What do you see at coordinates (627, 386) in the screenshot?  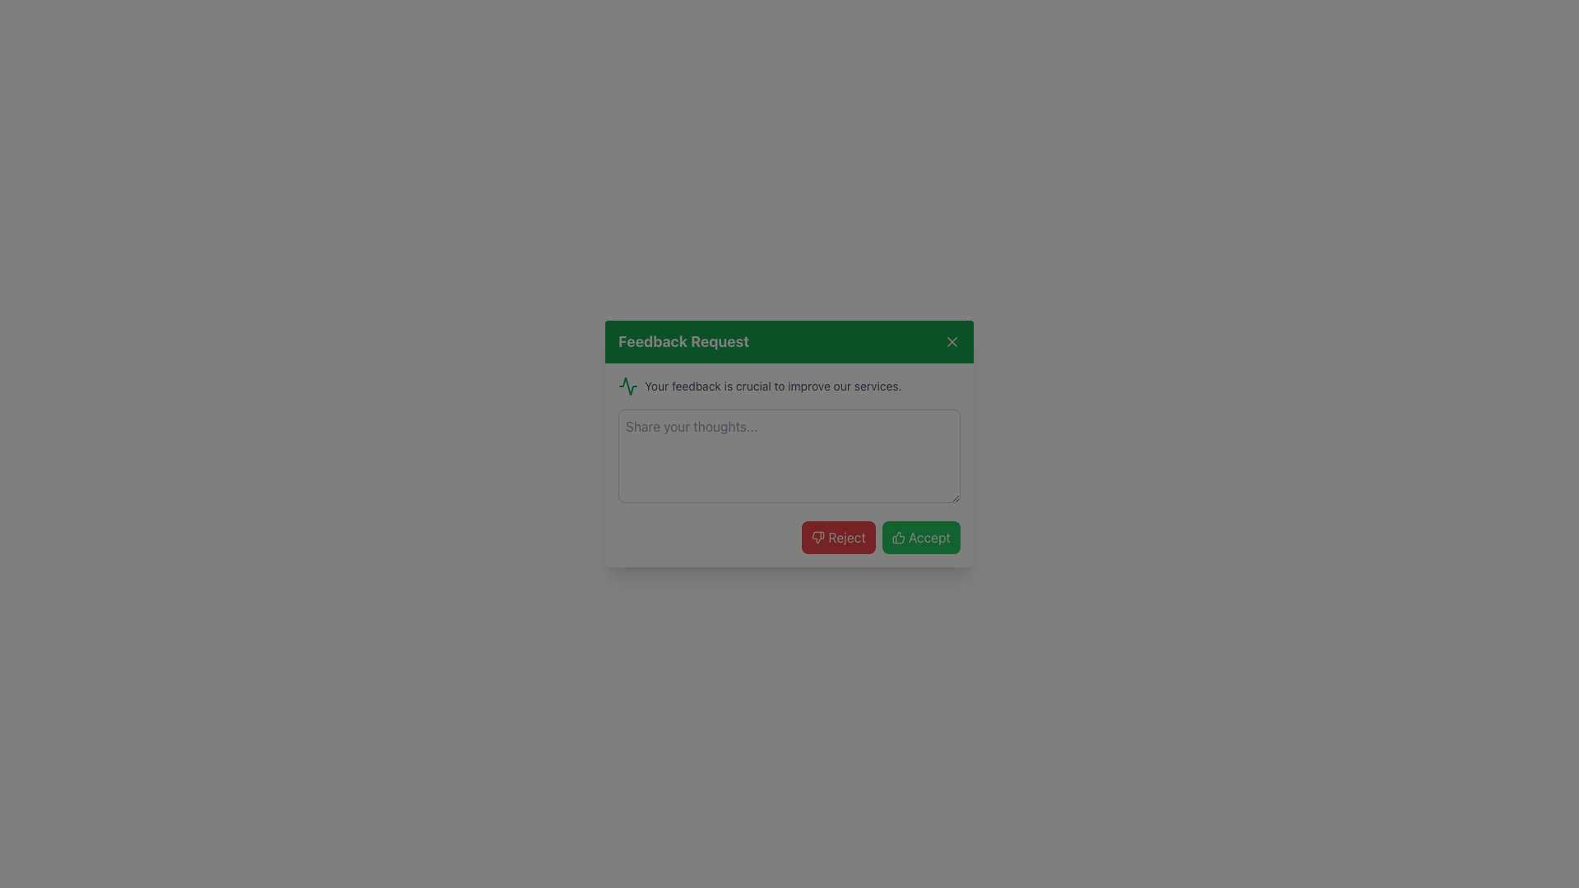 I see `the icon representing the theme of the feedback request, located at the top-left corner of the feedback dialog, to the left of the heading text` at bounding box center [627, 386].